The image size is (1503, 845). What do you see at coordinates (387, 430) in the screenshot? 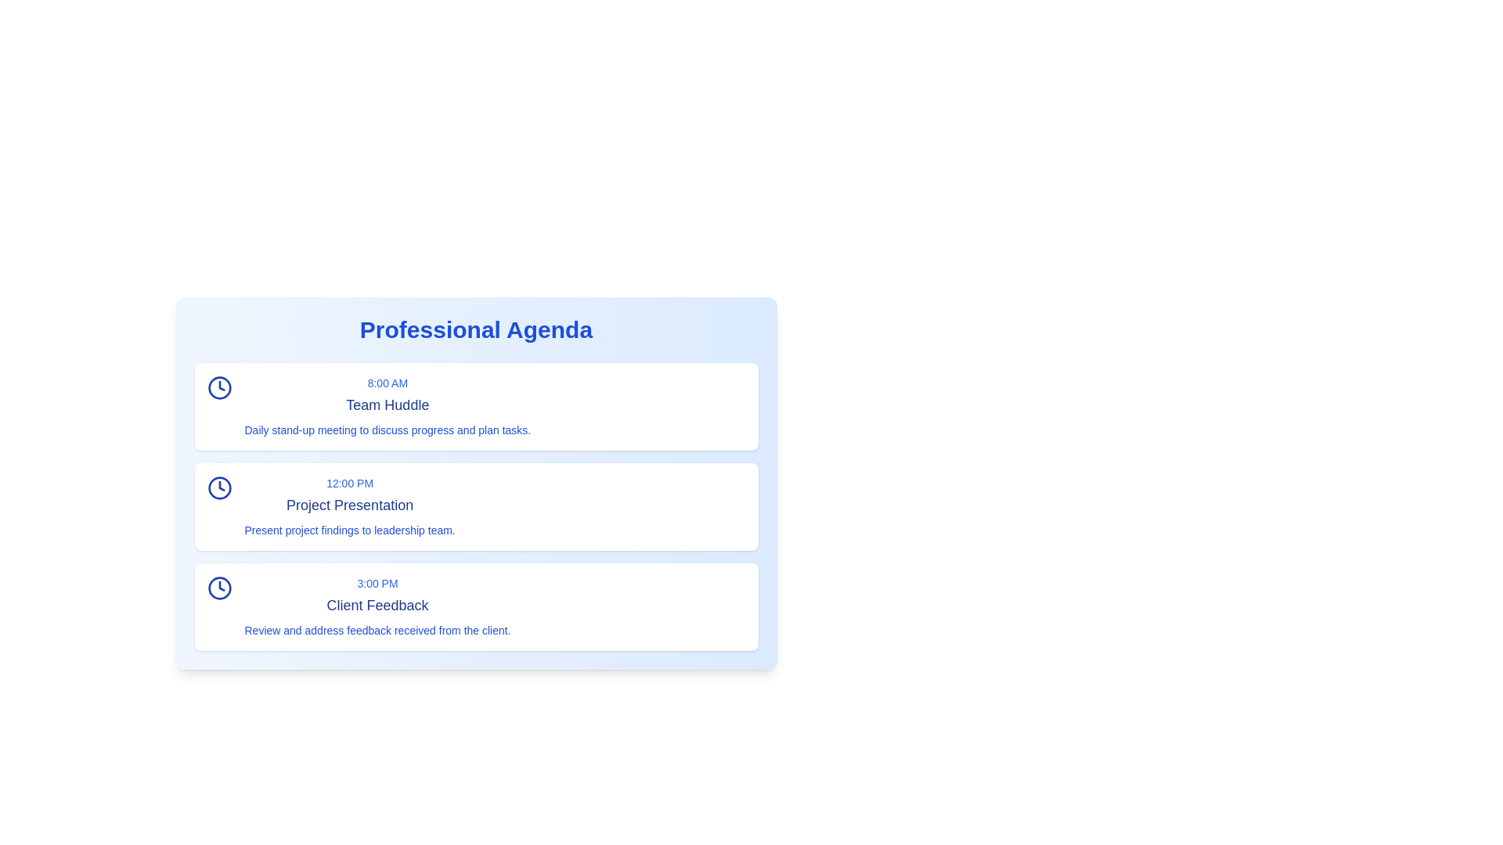
I see `descriptive text located below the 'Team Huddle' title for the 8:00 AM schedule` at bounding box center [387, 430].